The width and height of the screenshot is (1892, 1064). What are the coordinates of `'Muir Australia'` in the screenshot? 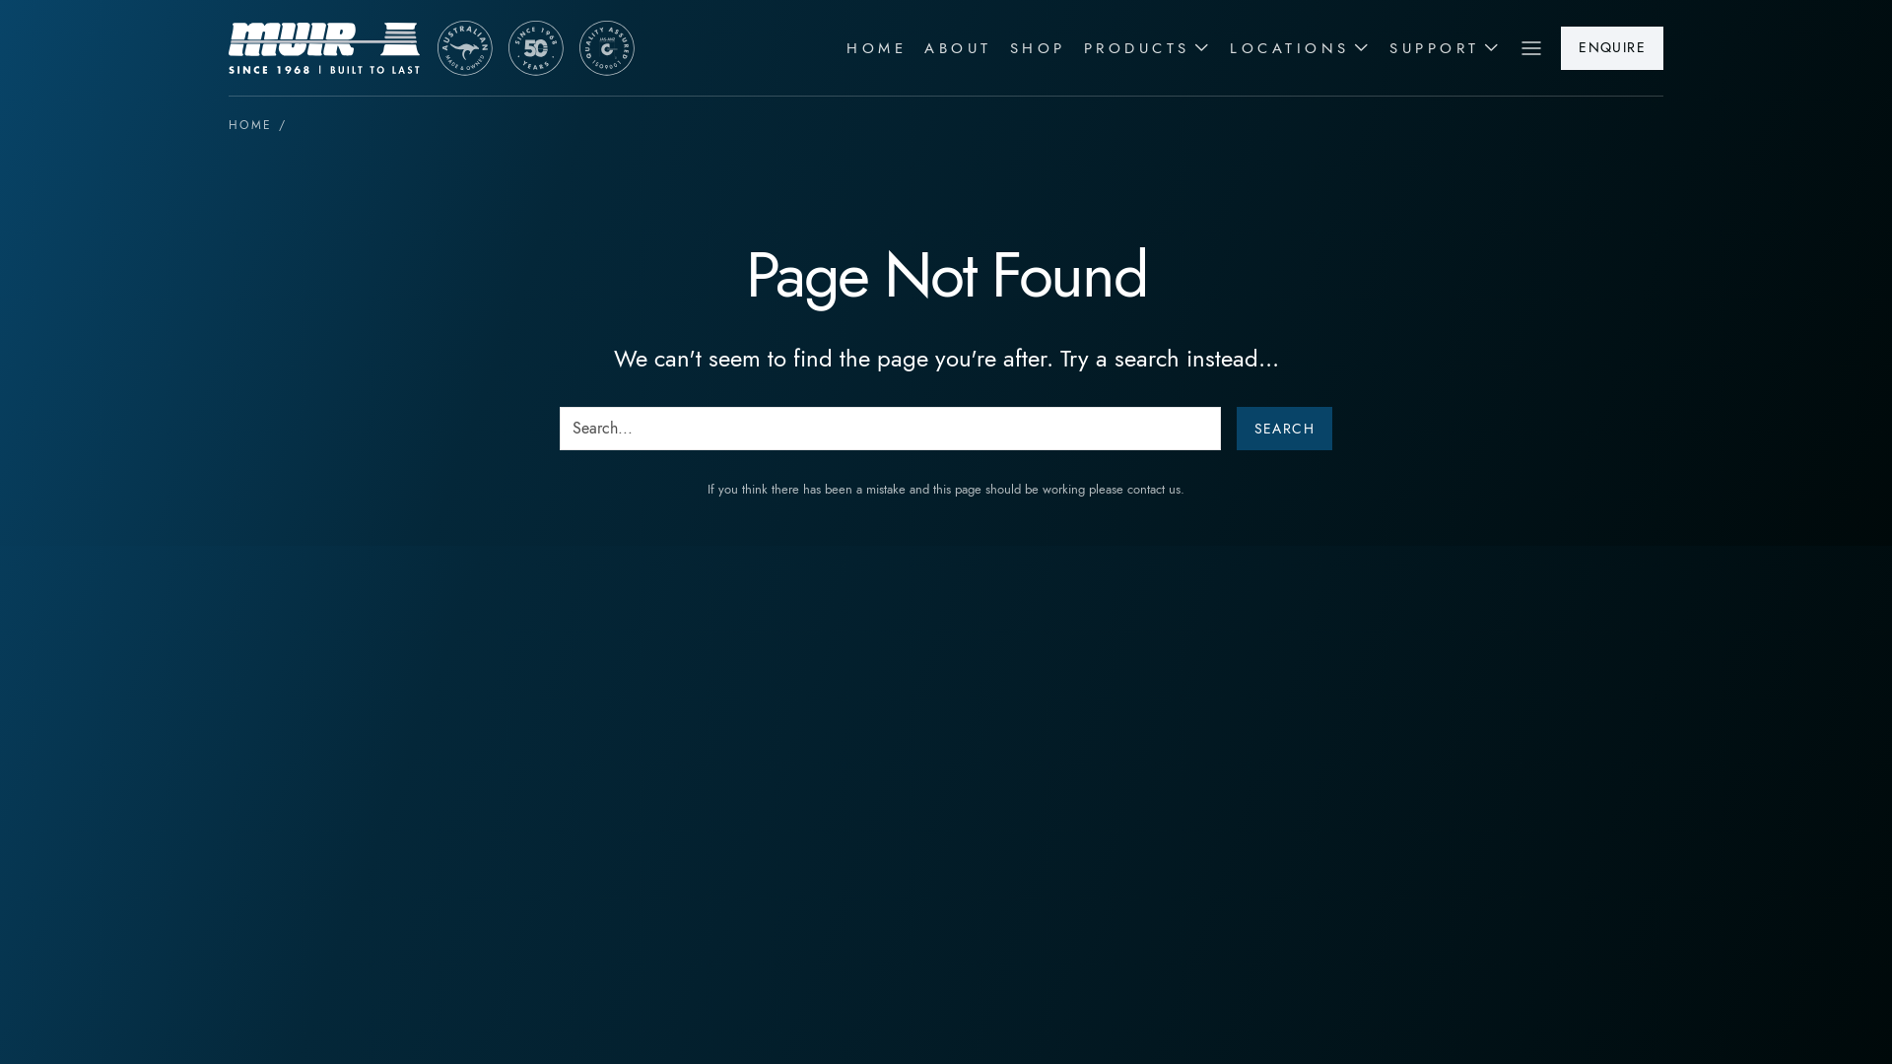 It's located at (535, 46).